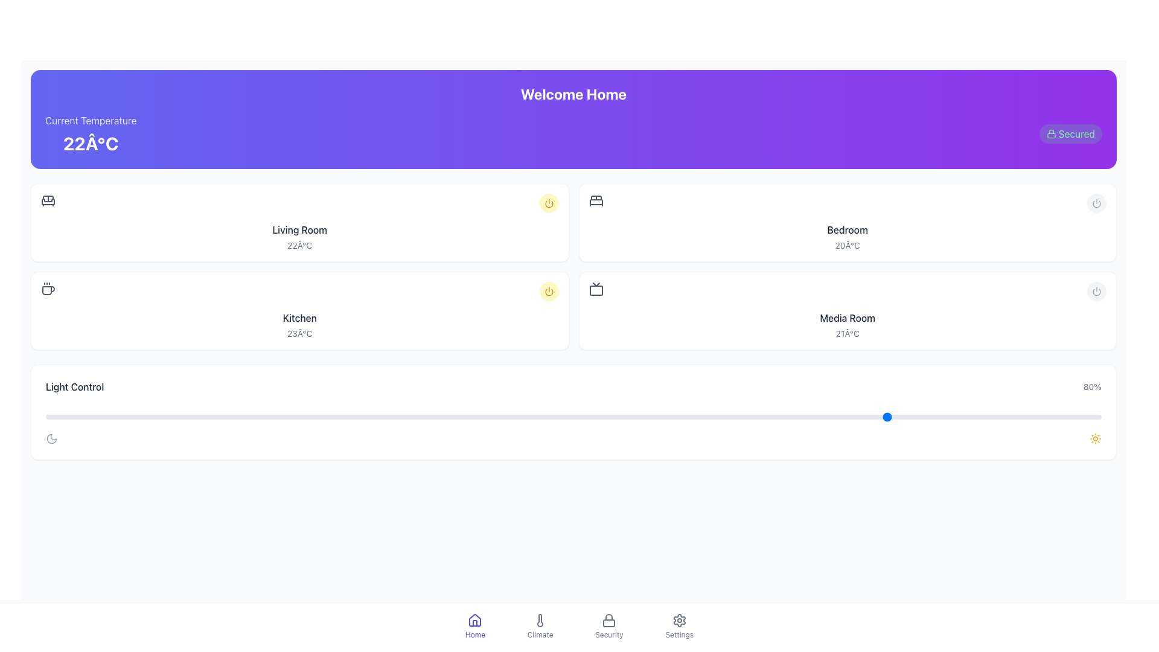  I want to click on displayed temperature from the static text label showing '23Â°C', located beneath the 'Kitchen' label in the grid layout, so click(299, 333).